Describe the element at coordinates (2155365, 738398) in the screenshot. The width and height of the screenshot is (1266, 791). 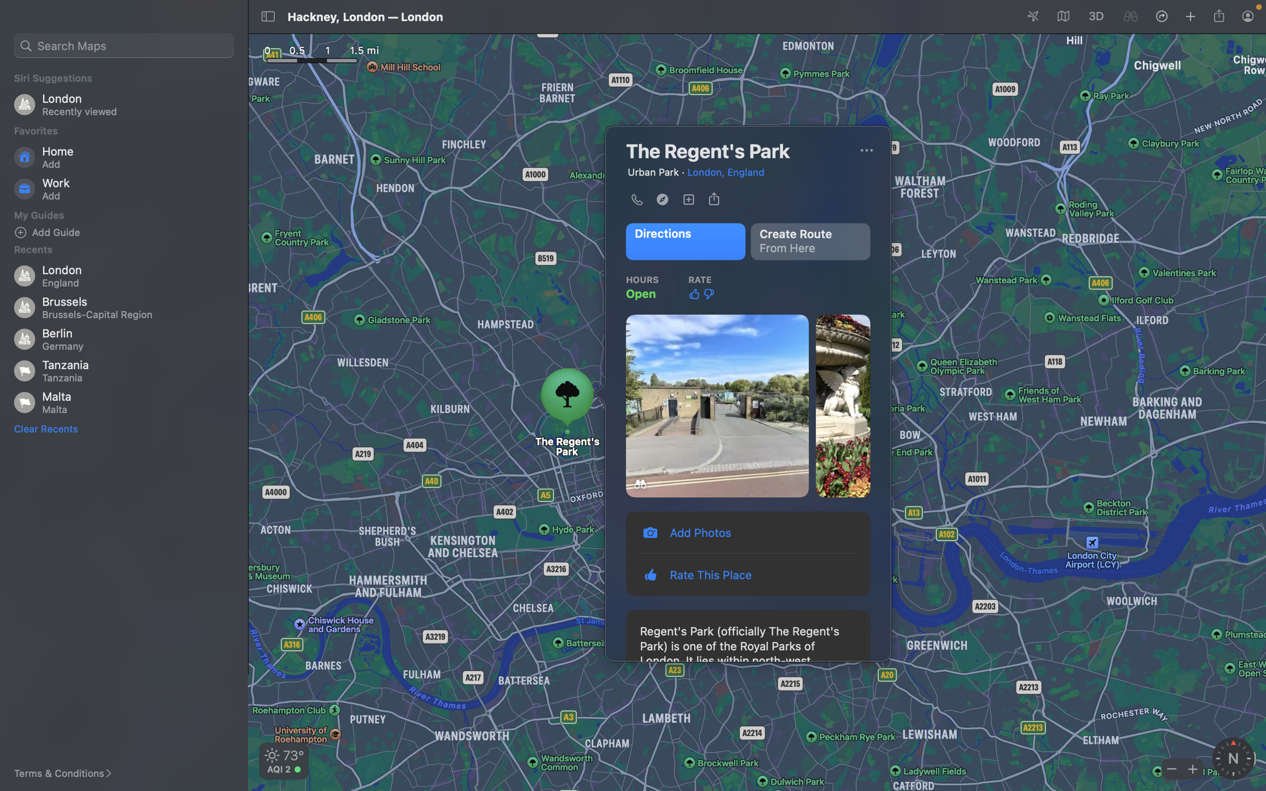
I see `Employ the scroll function to increase the map"s zoom level` at that location.